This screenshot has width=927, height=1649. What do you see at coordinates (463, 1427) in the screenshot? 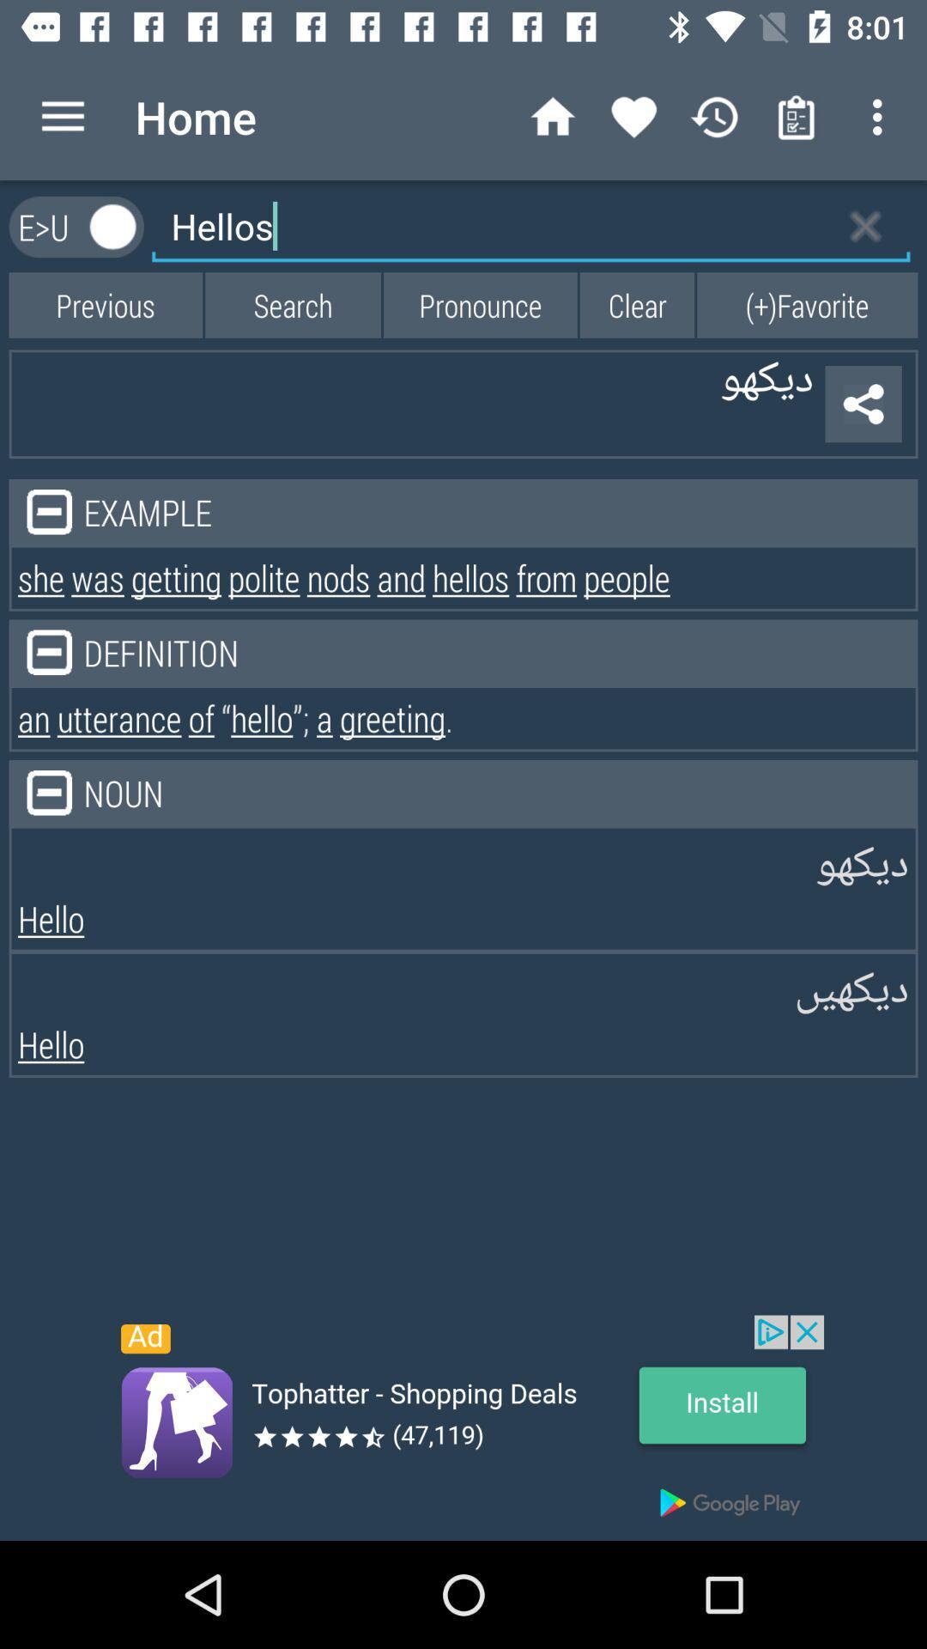
I see `advertisement` at bounding box center [463, 1427].